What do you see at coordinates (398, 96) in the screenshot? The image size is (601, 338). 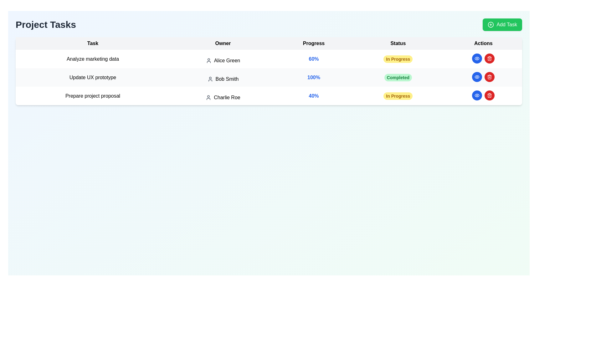 I see `the 'In Progress' badge element, which has a yellow background and bold text, located in the 'Status' column of the 'Prepare project proposal' task row` at bounding box center [398, 96].